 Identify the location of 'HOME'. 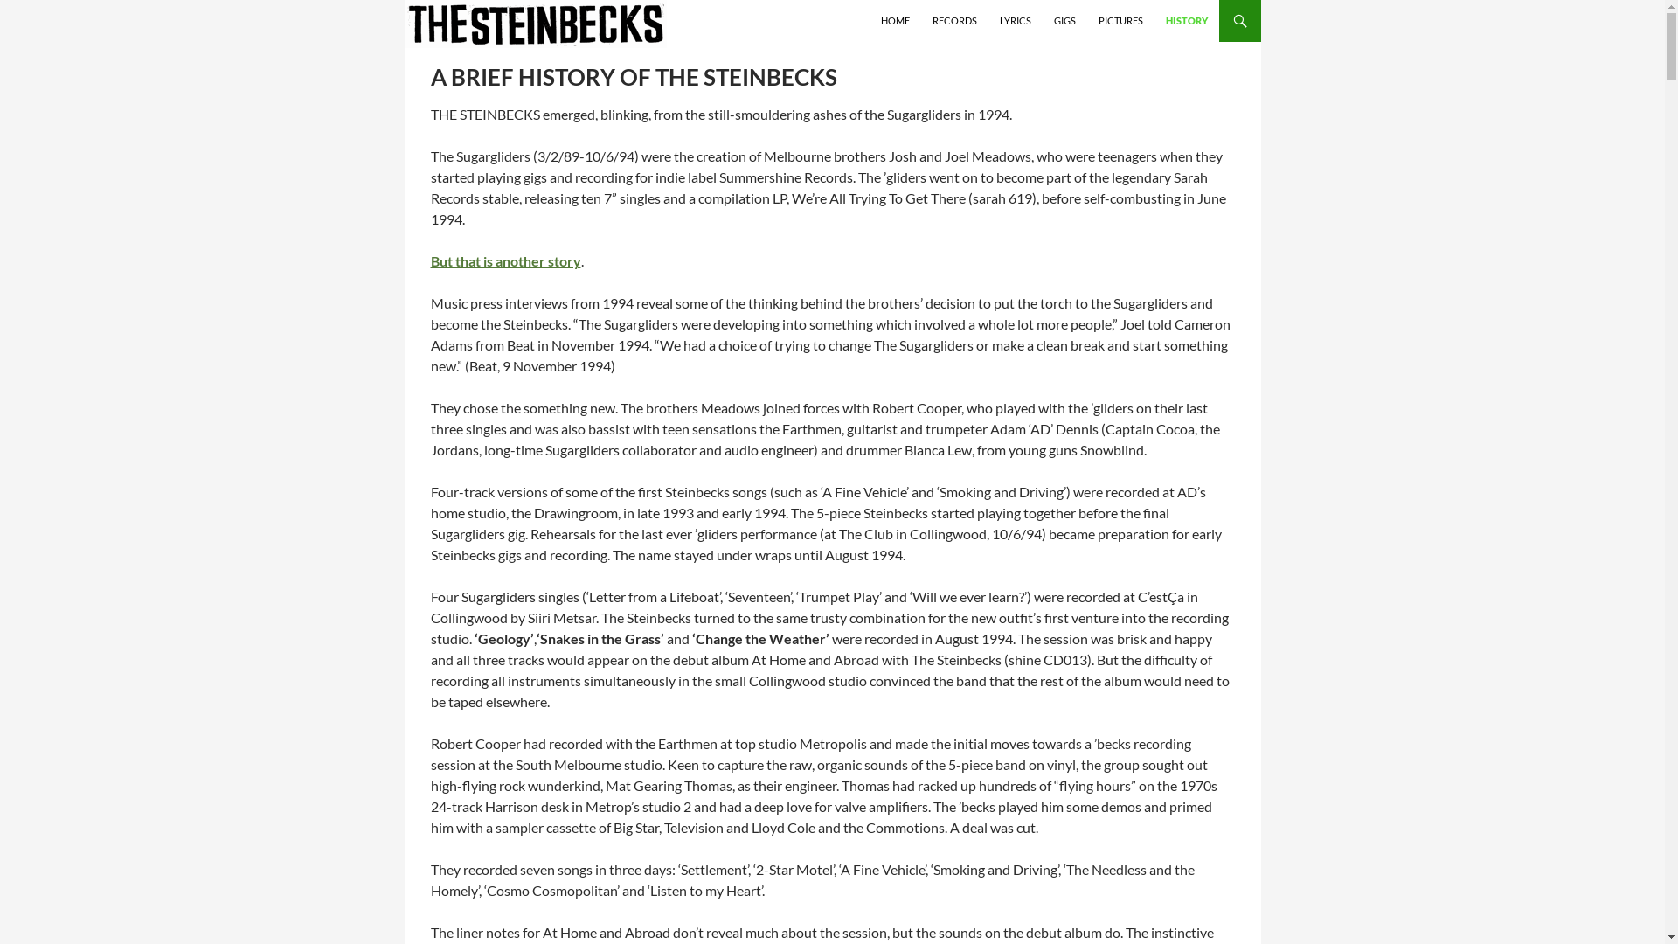
(895, 20).